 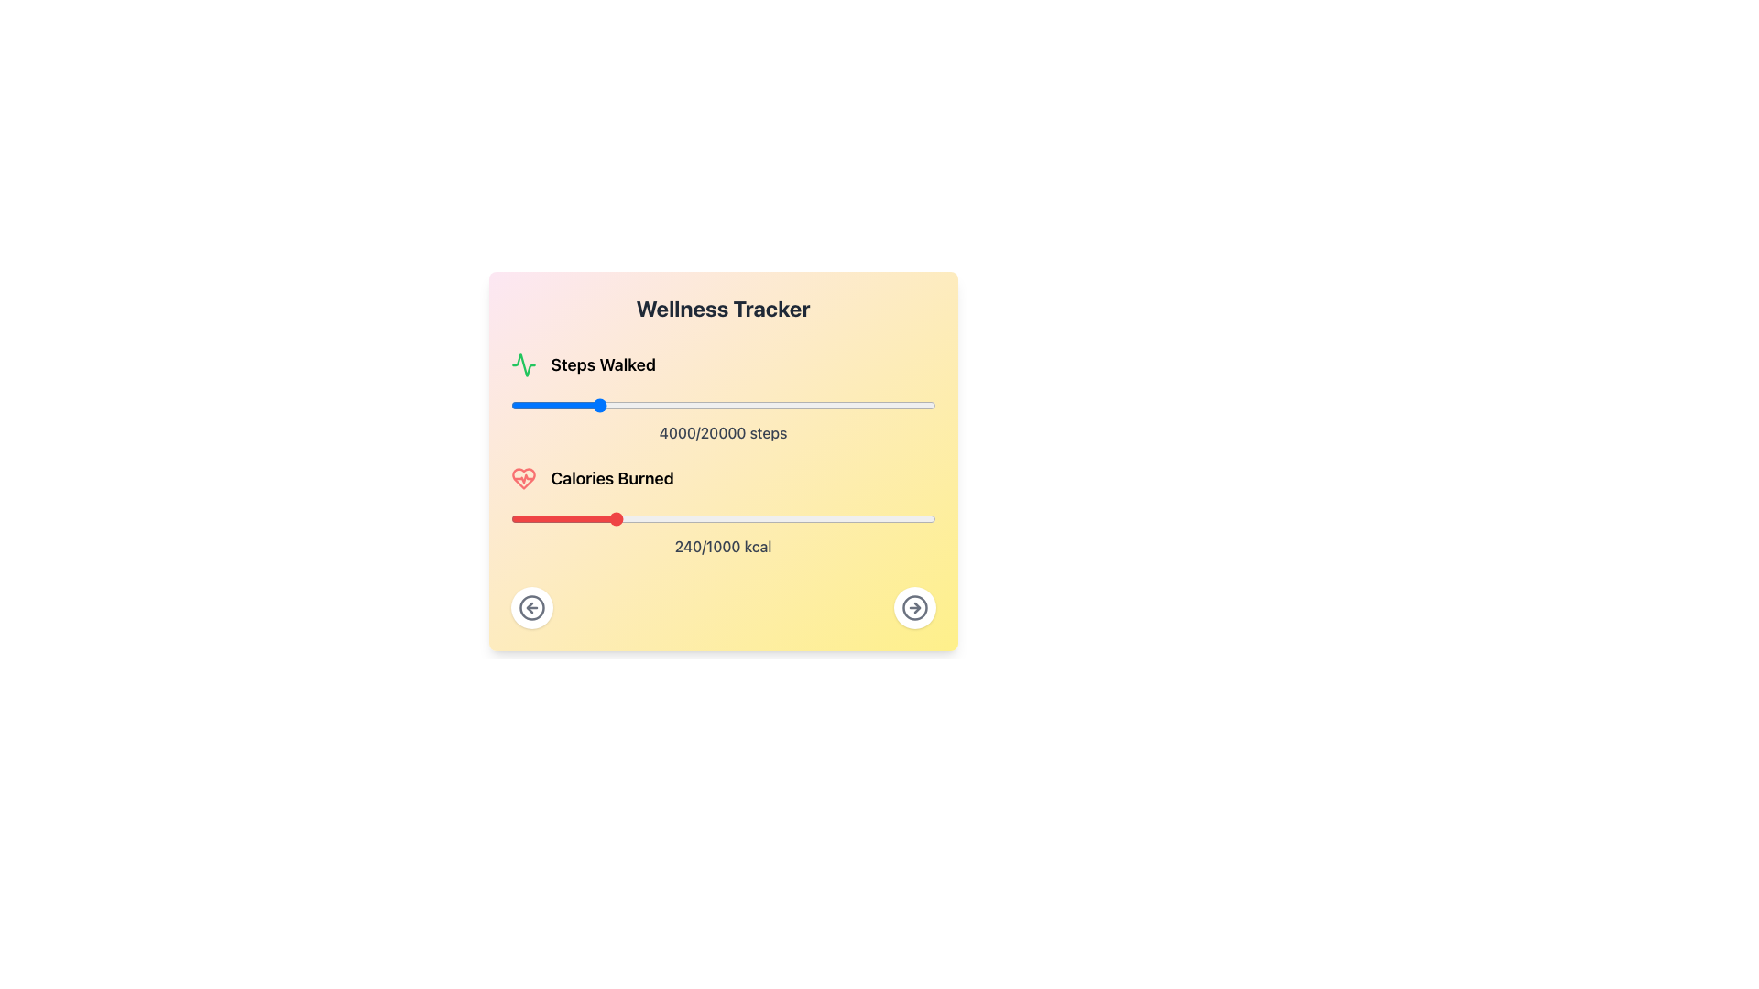 What do you see at coordinates (723, 405) in the screenshot?
I see `the 'Steps Walked' slider` at bounding box center [723, 405].